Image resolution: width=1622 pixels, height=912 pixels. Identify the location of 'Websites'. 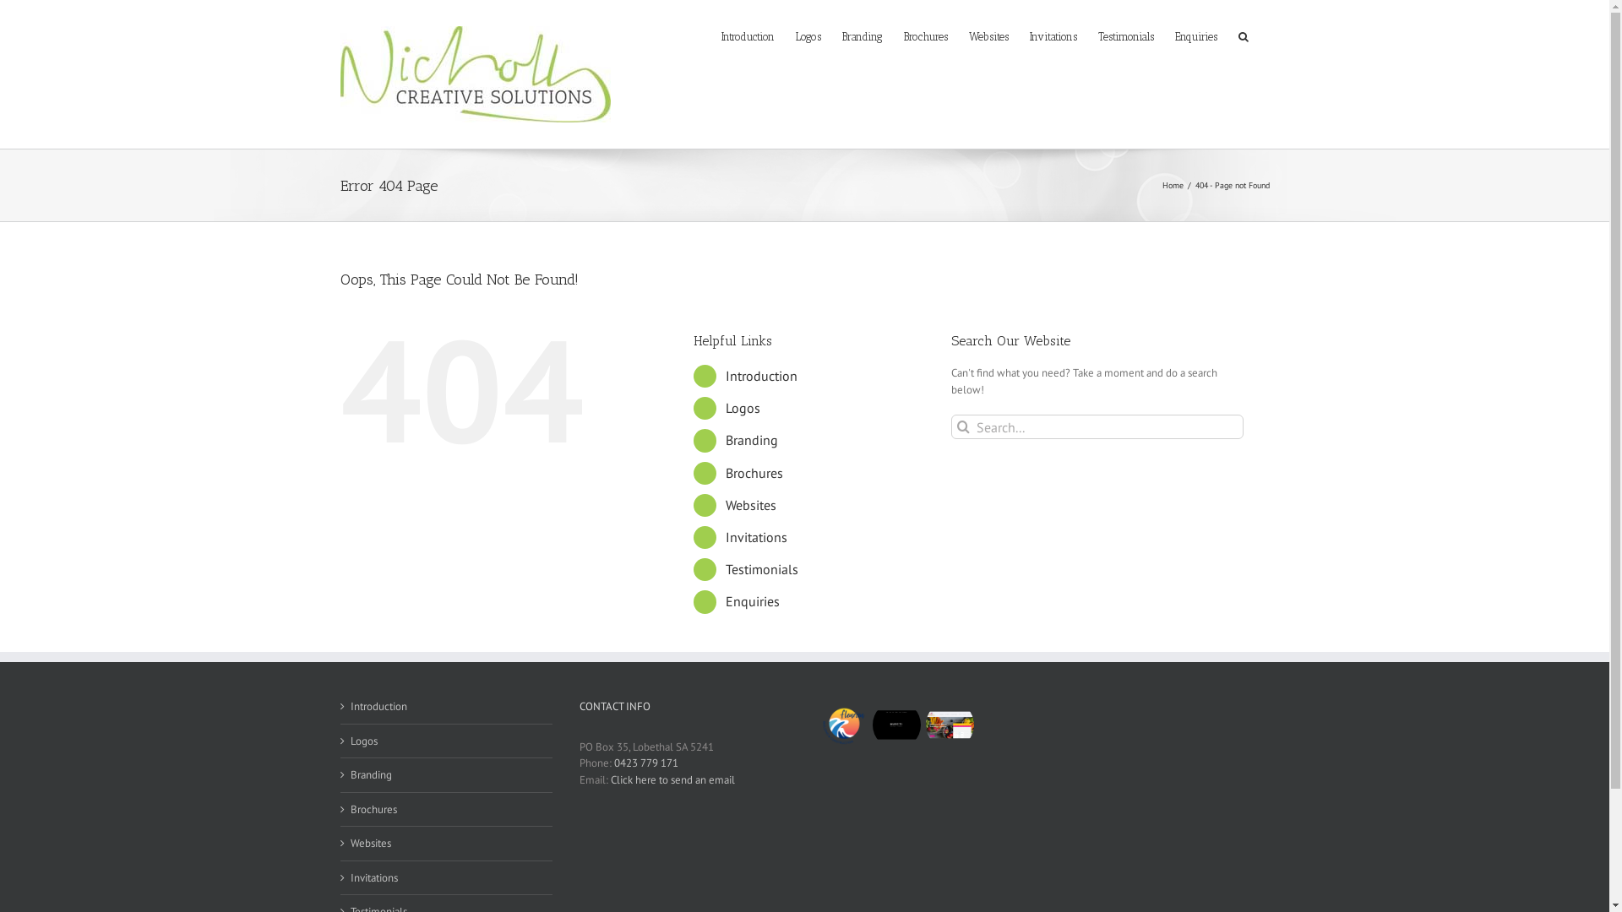
(446, 844).